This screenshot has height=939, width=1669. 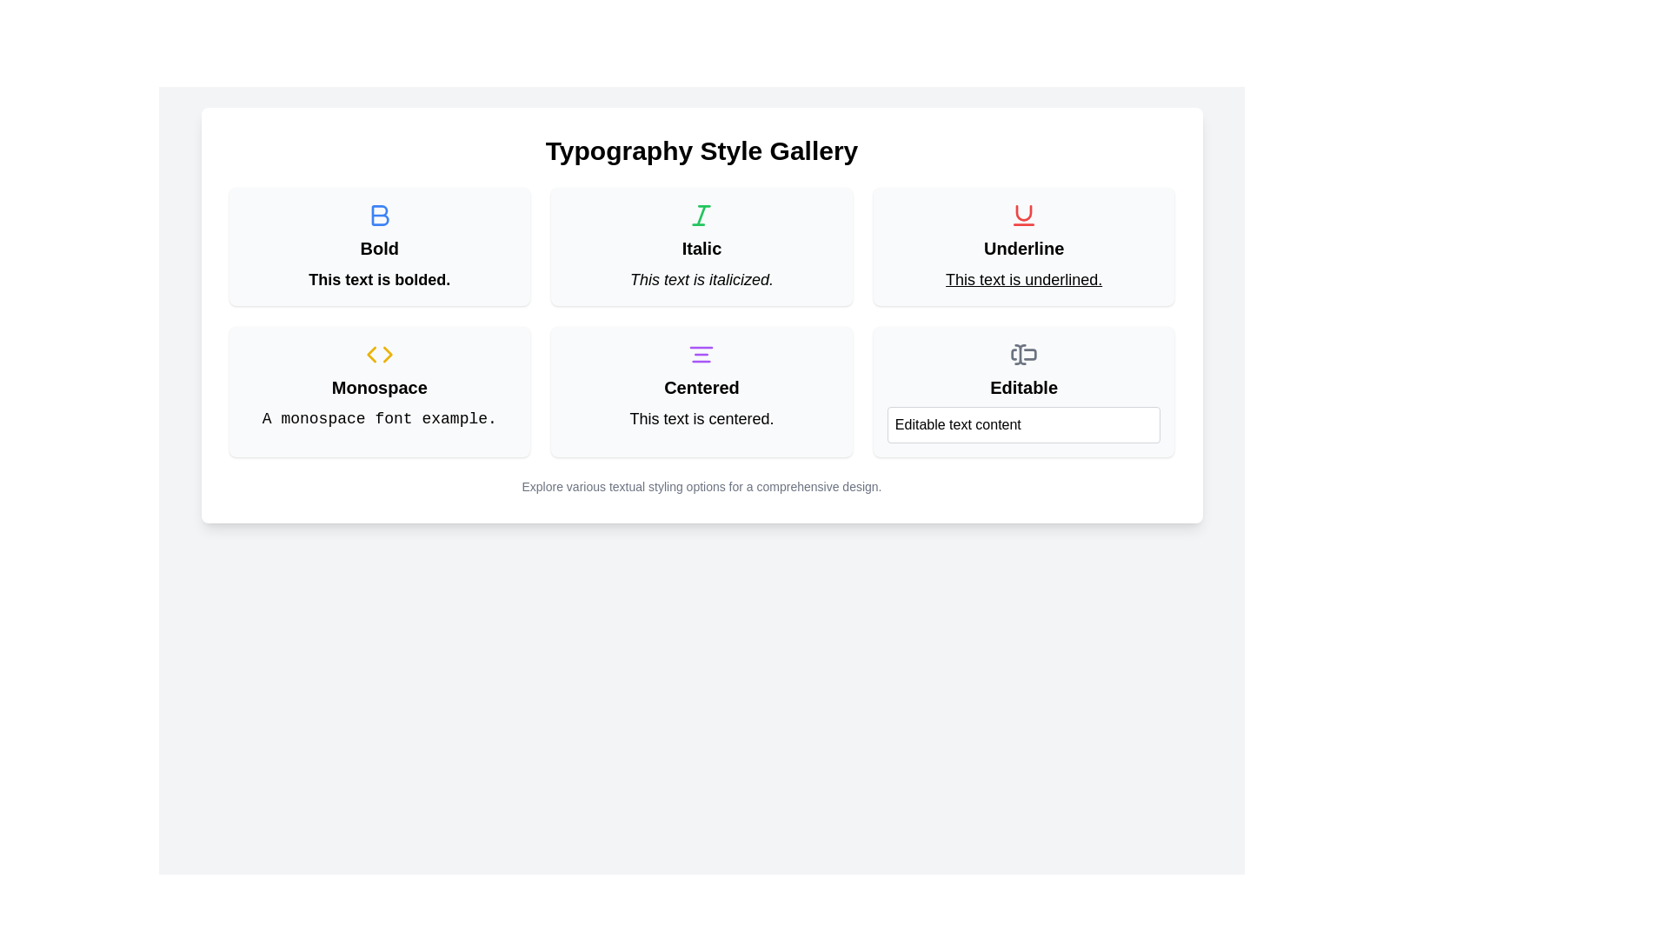 What do you see at coordinates (1024, 214) in the screenshot?
I see `the underline typography style icon located in the 'Underline' section of the layout, which is visually represented in the top-right cell of the grid arrangement` at bounding box center [1024, 214].